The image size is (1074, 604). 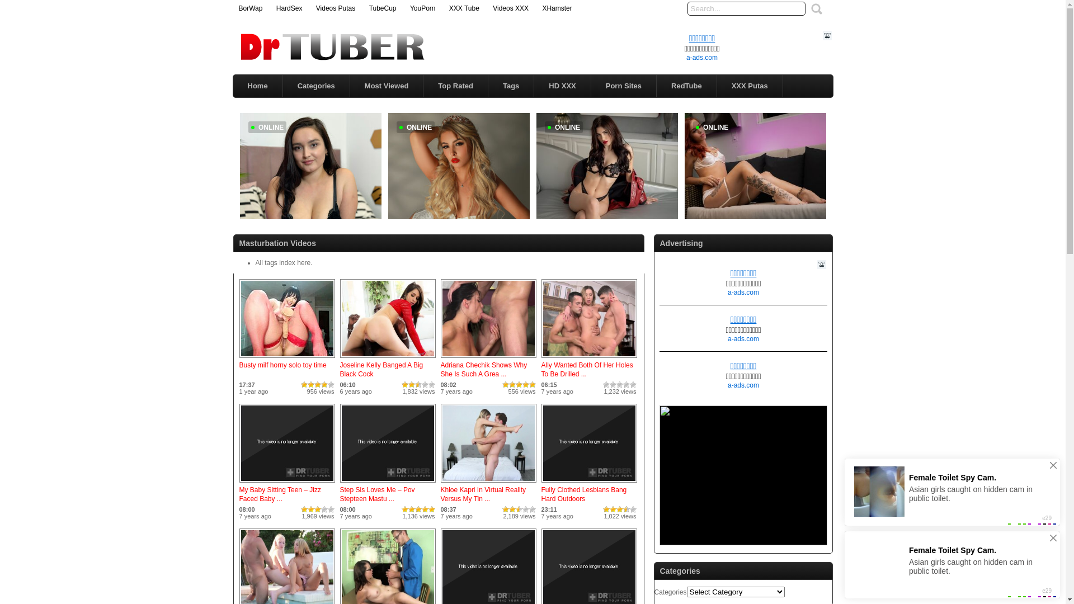 I want to click on 'XXX Putas', so click(x=717, y=85).